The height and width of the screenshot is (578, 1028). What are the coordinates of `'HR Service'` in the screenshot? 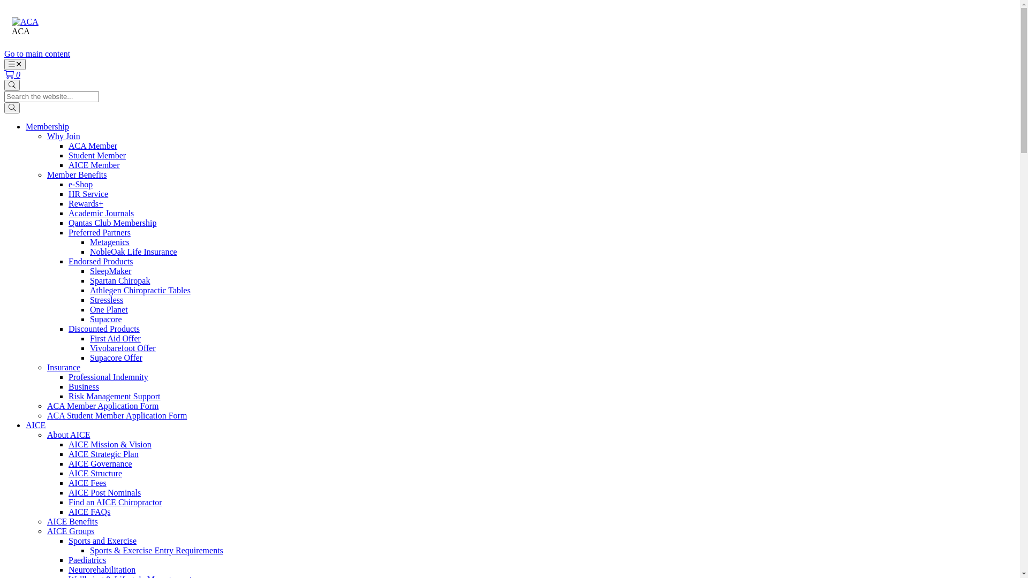 It's located at (88, 194).